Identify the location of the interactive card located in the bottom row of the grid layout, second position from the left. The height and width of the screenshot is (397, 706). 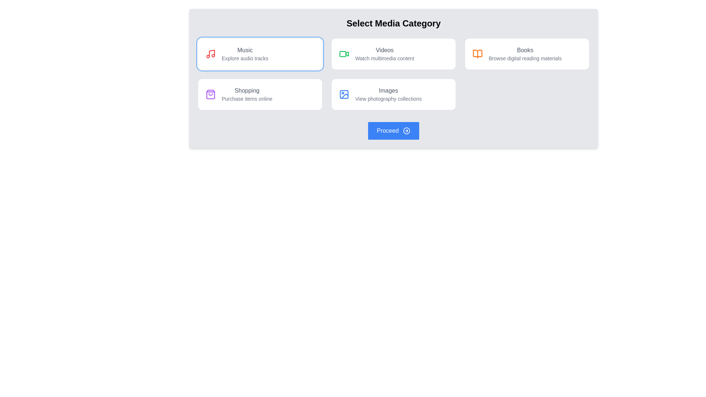
(393, 94).